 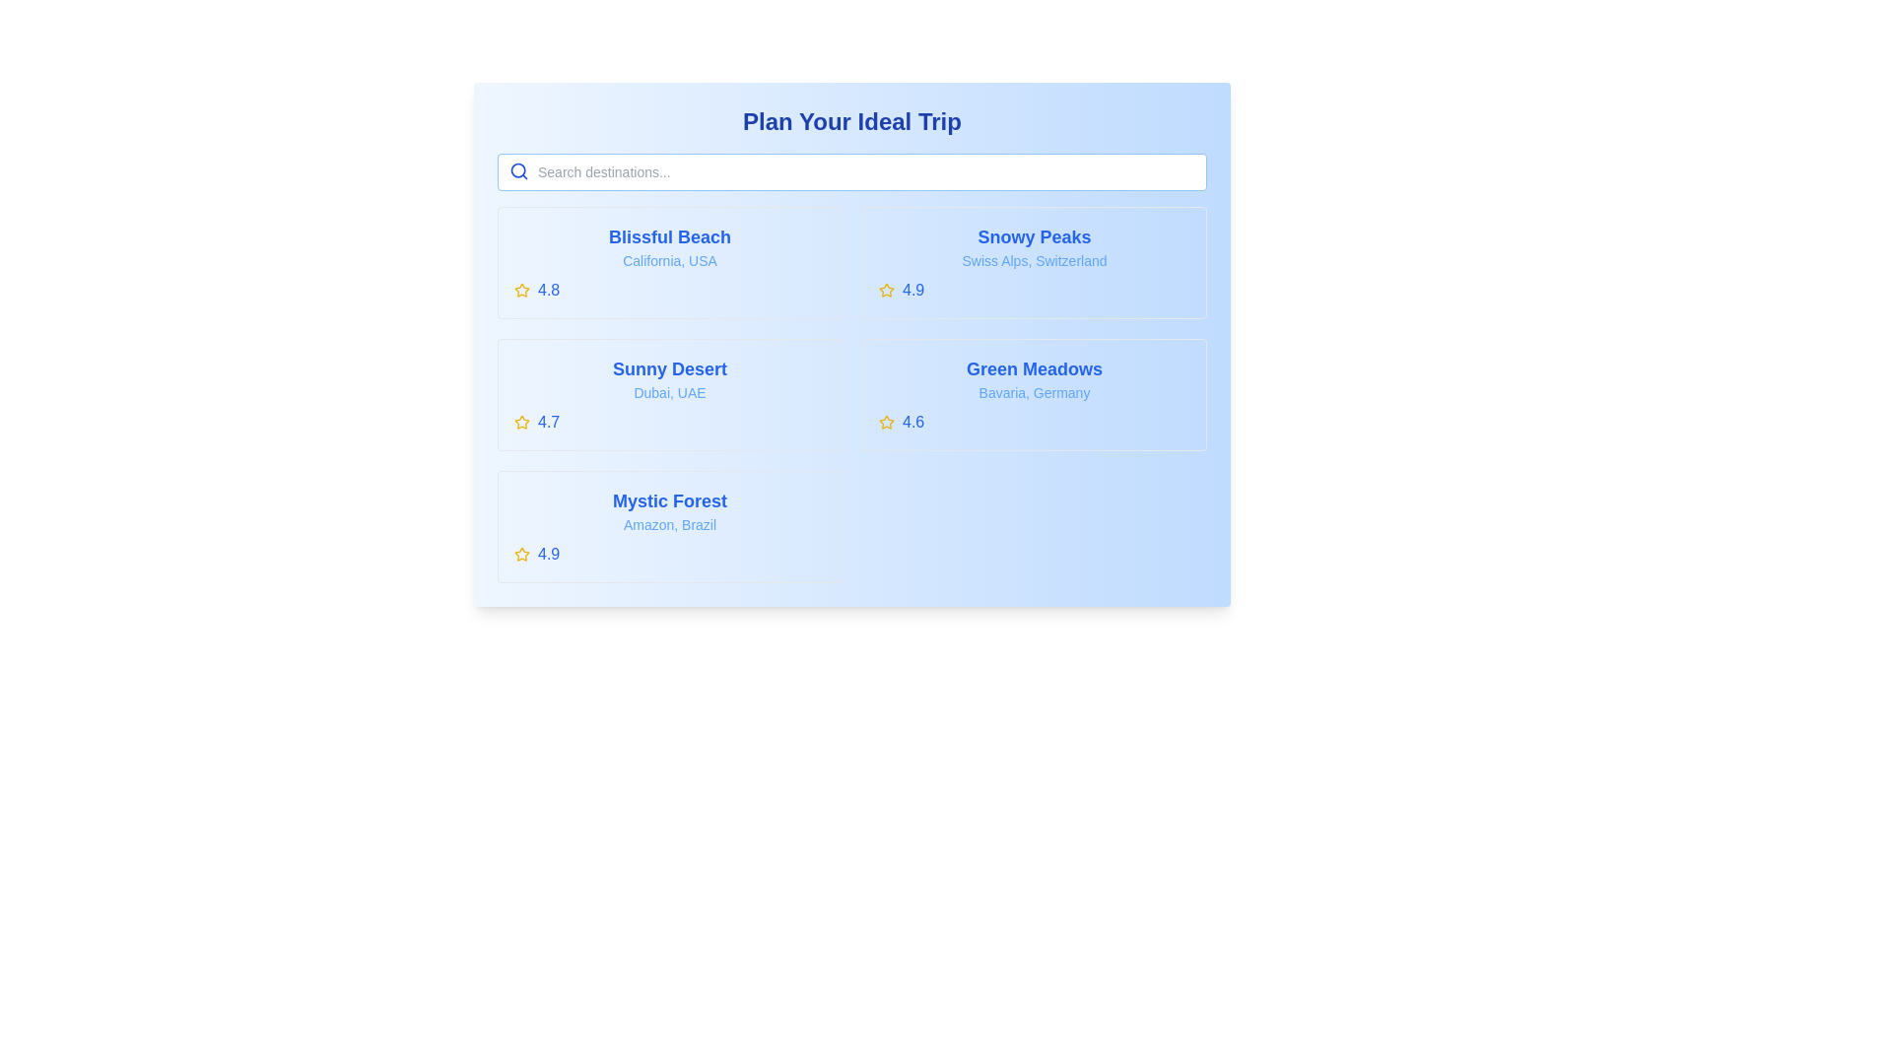 What do you see at coordinates (549, 290) in the screenshot?
I see `numeric rating displayed in the text label associated with the 'Blissful Beach' destination, which is positioned directly to the right of the star icon in the top-left section of the interface` at bounding box center [549, 290].